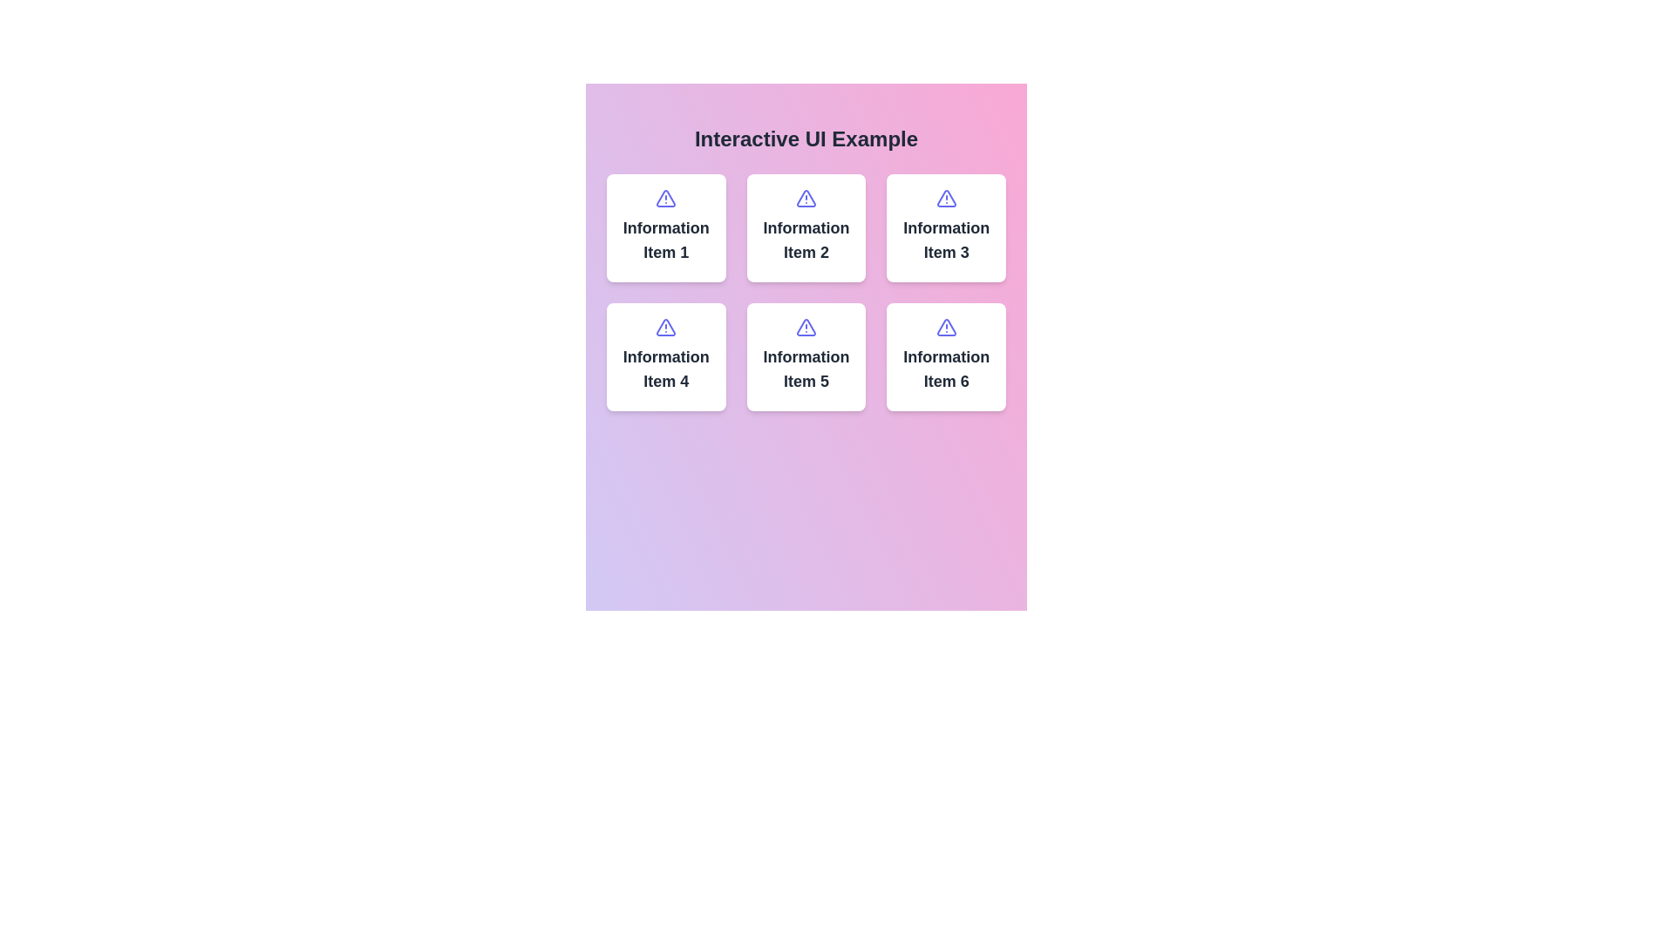 Image resolution: width=1674 pixels, height=941 pixels. Describe the element at coordinates (665, 197) in the screenshot. I see `the top-left triangular warning icon in the grid layout under the heading 'Interactive UI Example'` at that location.